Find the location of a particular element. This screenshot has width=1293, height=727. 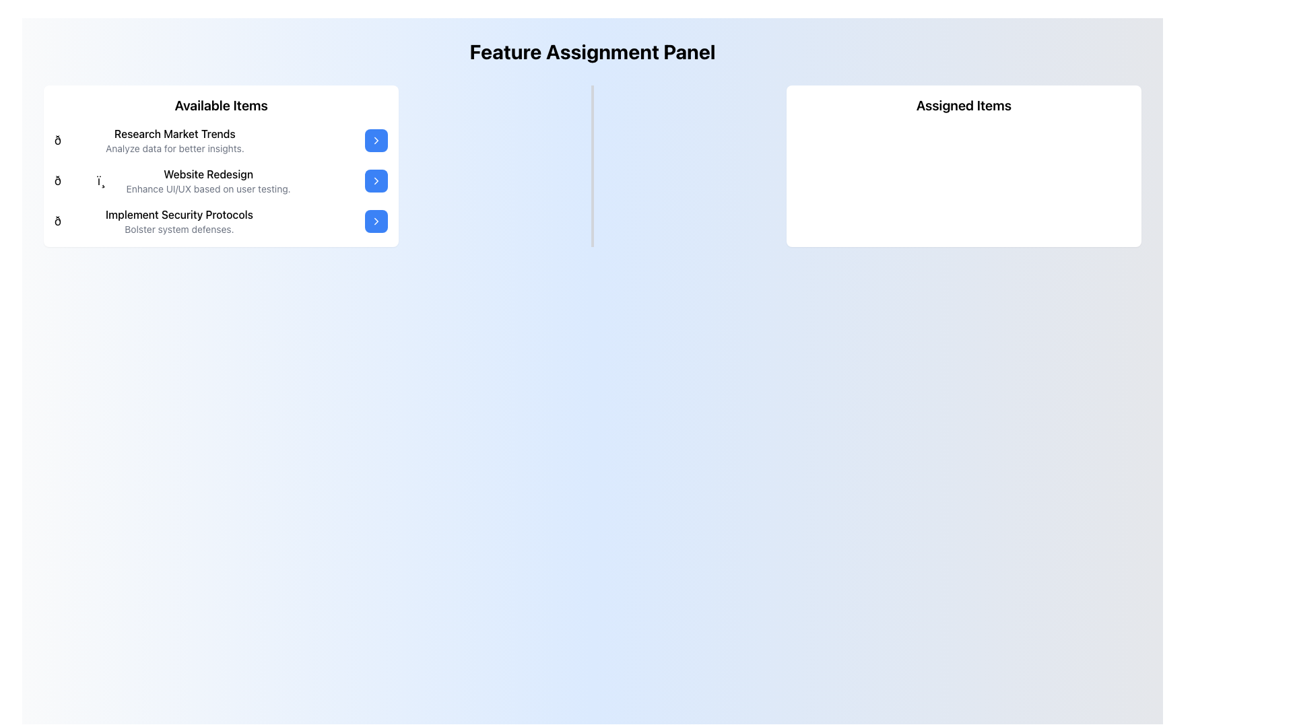

the third item in the vertical list of 'Available Items' is located at coordinates (178, 220).